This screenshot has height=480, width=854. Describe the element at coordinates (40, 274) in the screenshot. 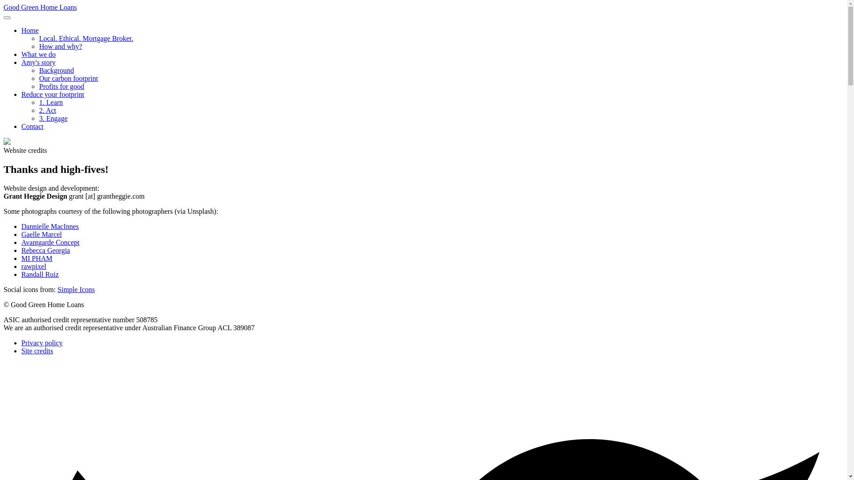

I see `'Randall Ruiz'` at that location.